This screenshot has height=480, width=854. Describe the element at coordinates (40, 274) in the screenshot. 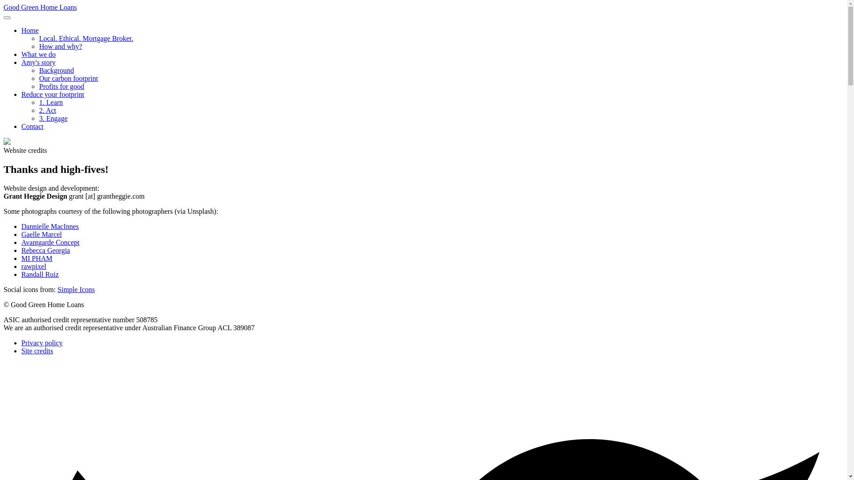

I see `'Randall Ruiz'` at that location.